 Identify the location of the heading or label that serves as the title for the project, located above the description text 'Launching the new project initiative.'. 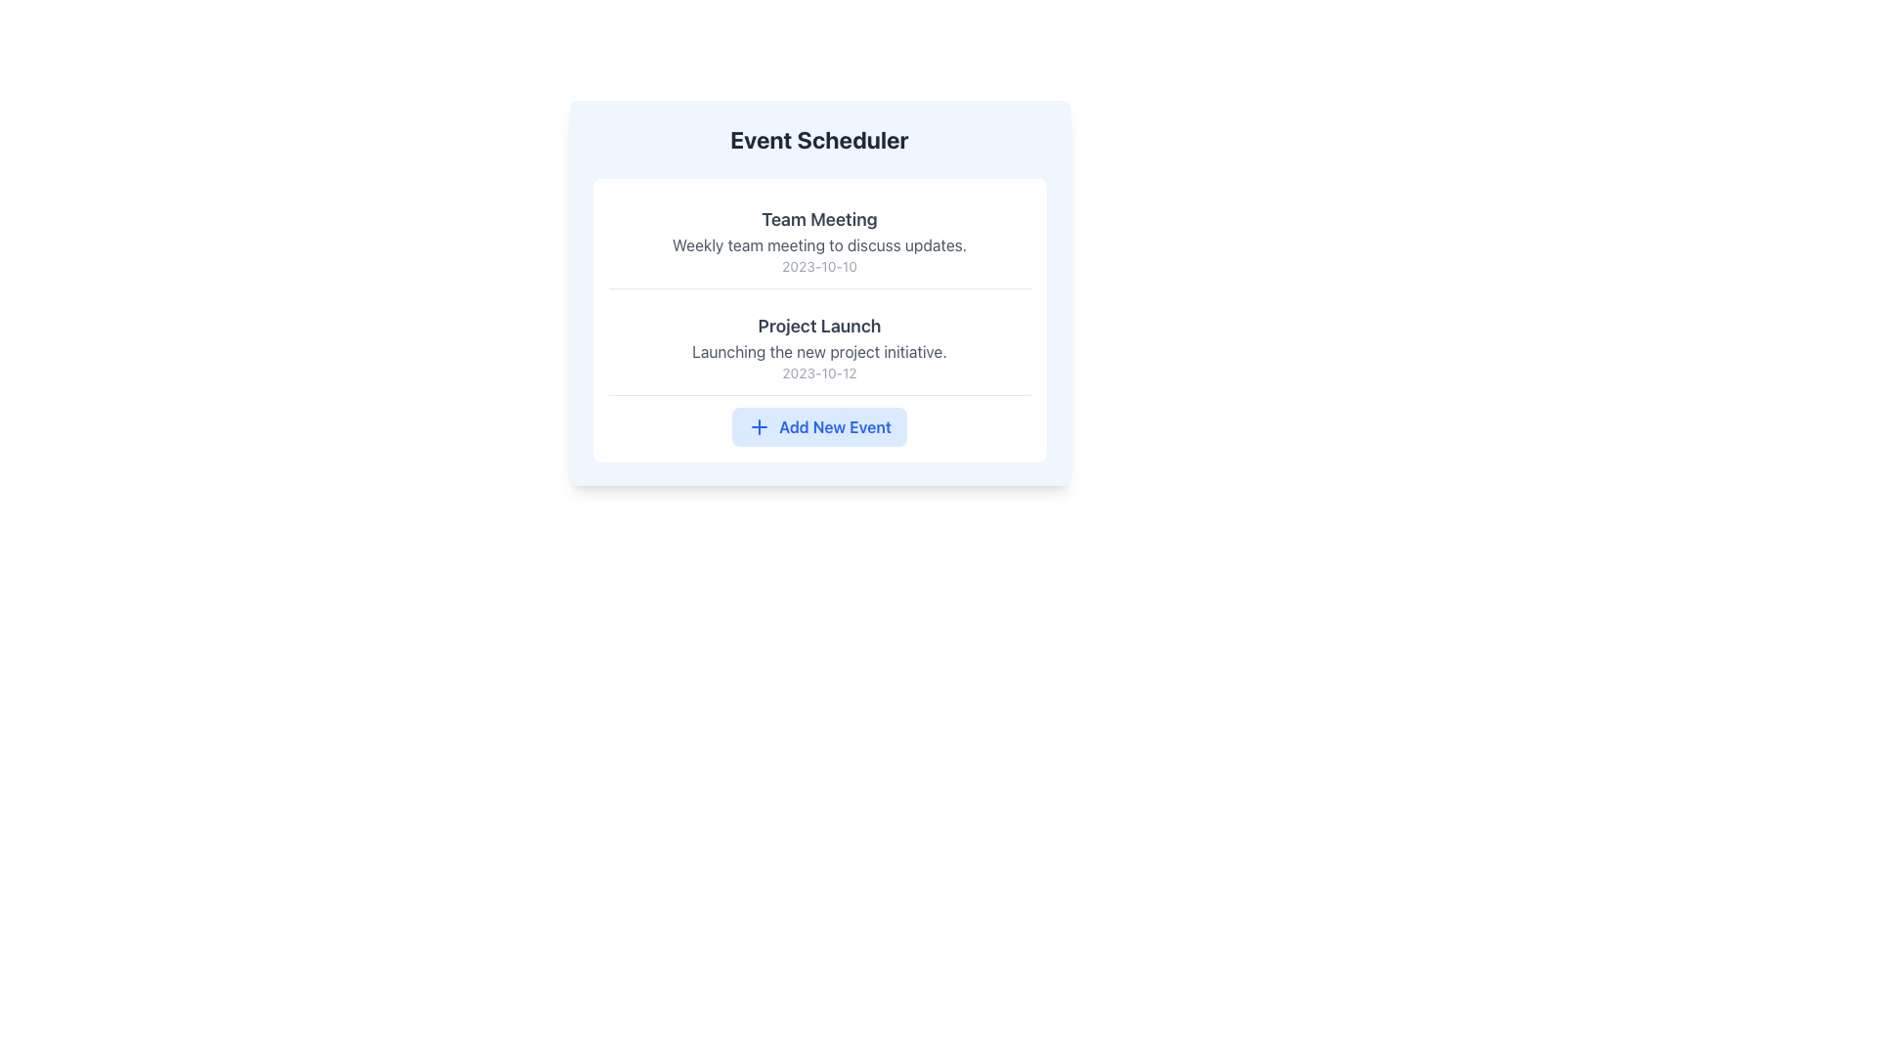
(819, 326).